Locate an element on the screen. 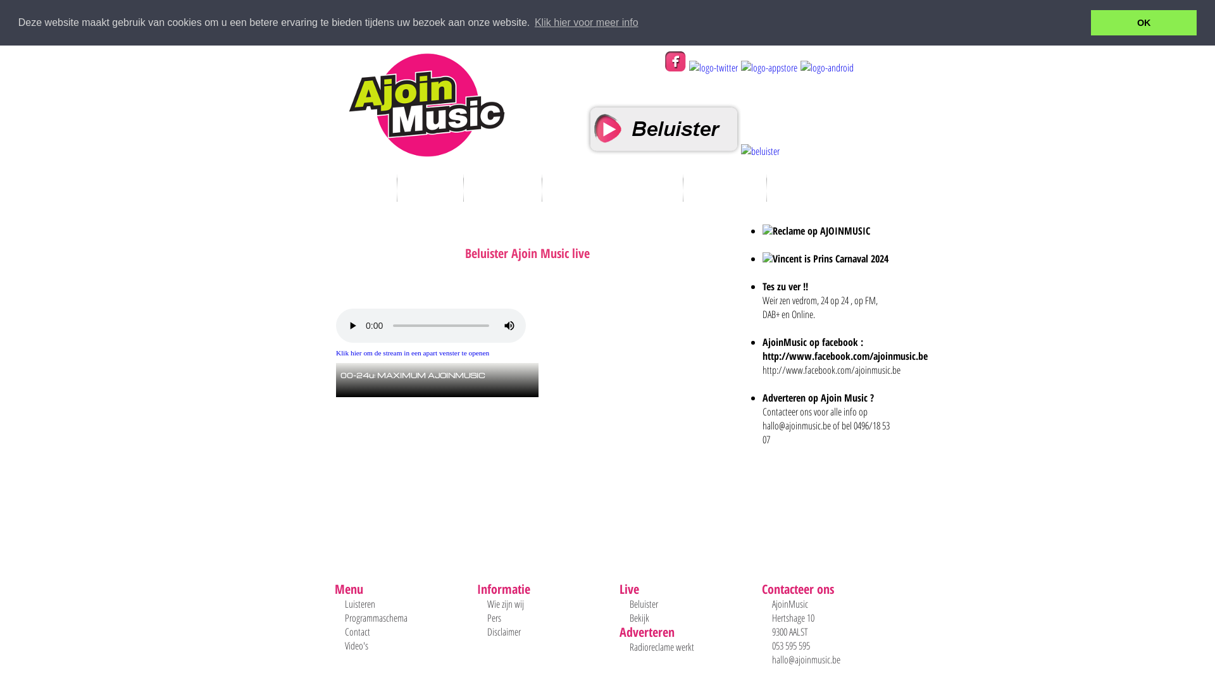 The image size is (1215, 683). 'Wie zijn wij' is located at coordinates (504, 603).